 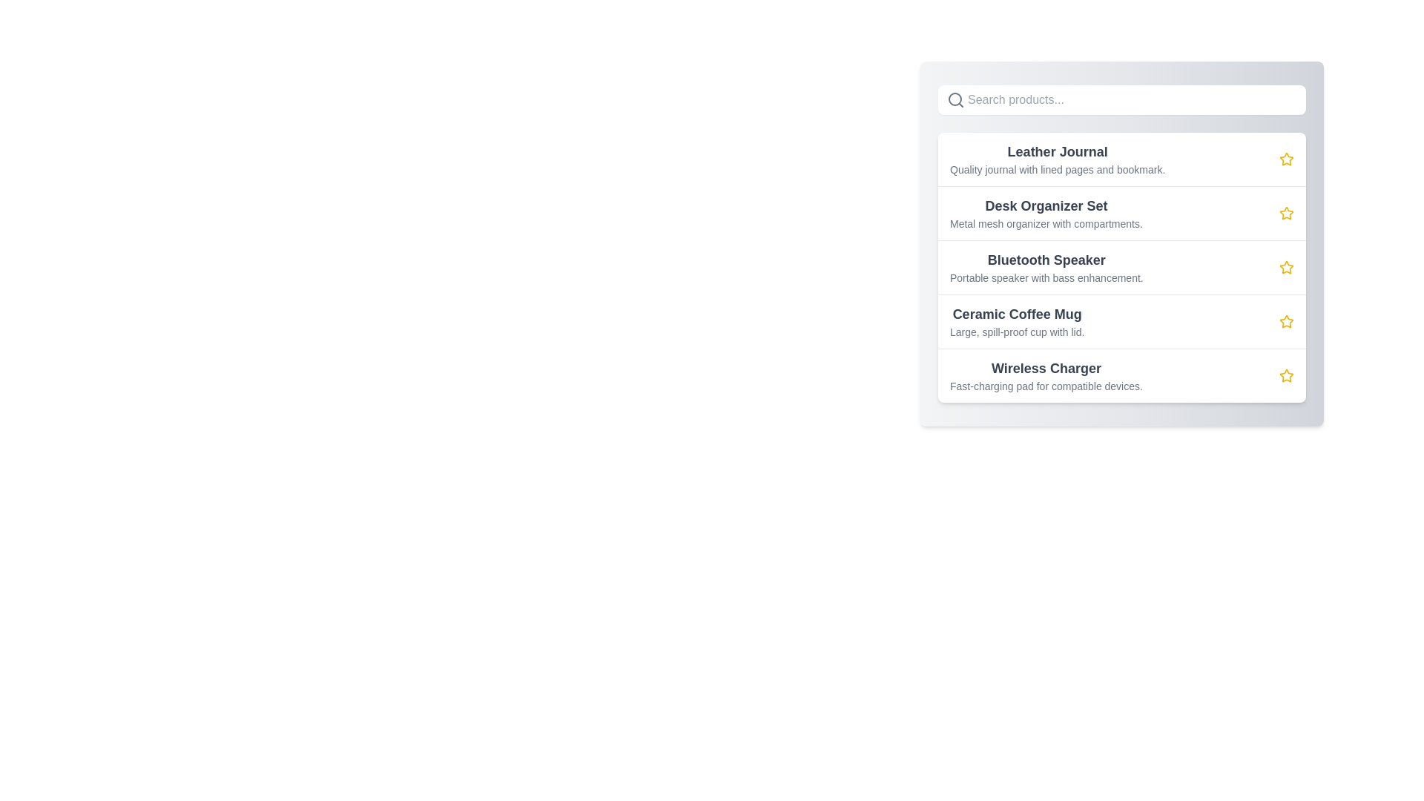 I want to click on descriptive subtitle located directly beneath the title 'Bluetooth Speaker', so click(x=1046, y=277).